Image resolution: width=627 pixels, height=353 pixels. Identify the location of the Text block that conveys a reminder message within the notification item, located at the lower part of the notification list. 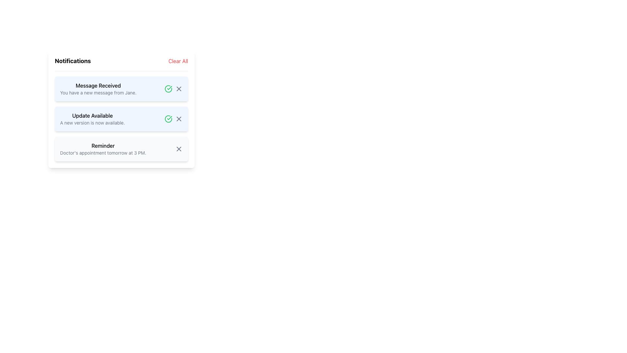
(103, 149).